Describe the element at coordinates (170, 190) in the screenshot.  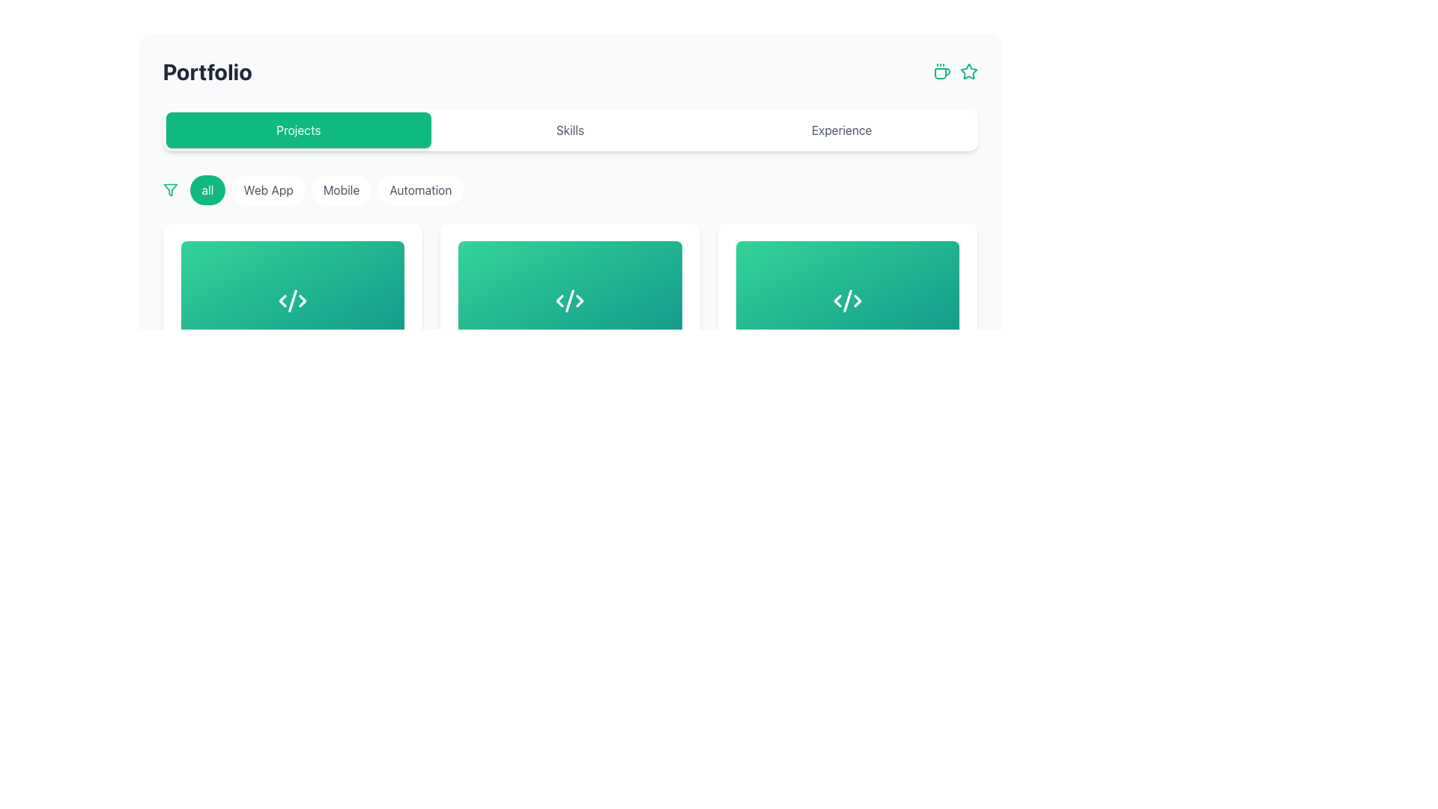
I see `the green triangular funnel-shaped filter icon located to the left of the 'all' filter button in the top-left section of the interface` at that location.